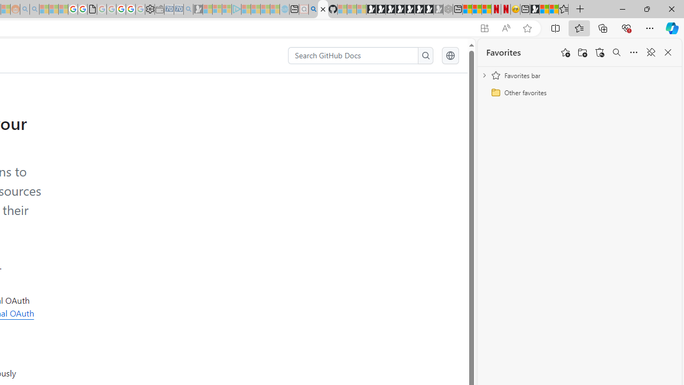  Describe the element at coordinates (671, 9) in the screenshot. I see `'Close'` at that location.